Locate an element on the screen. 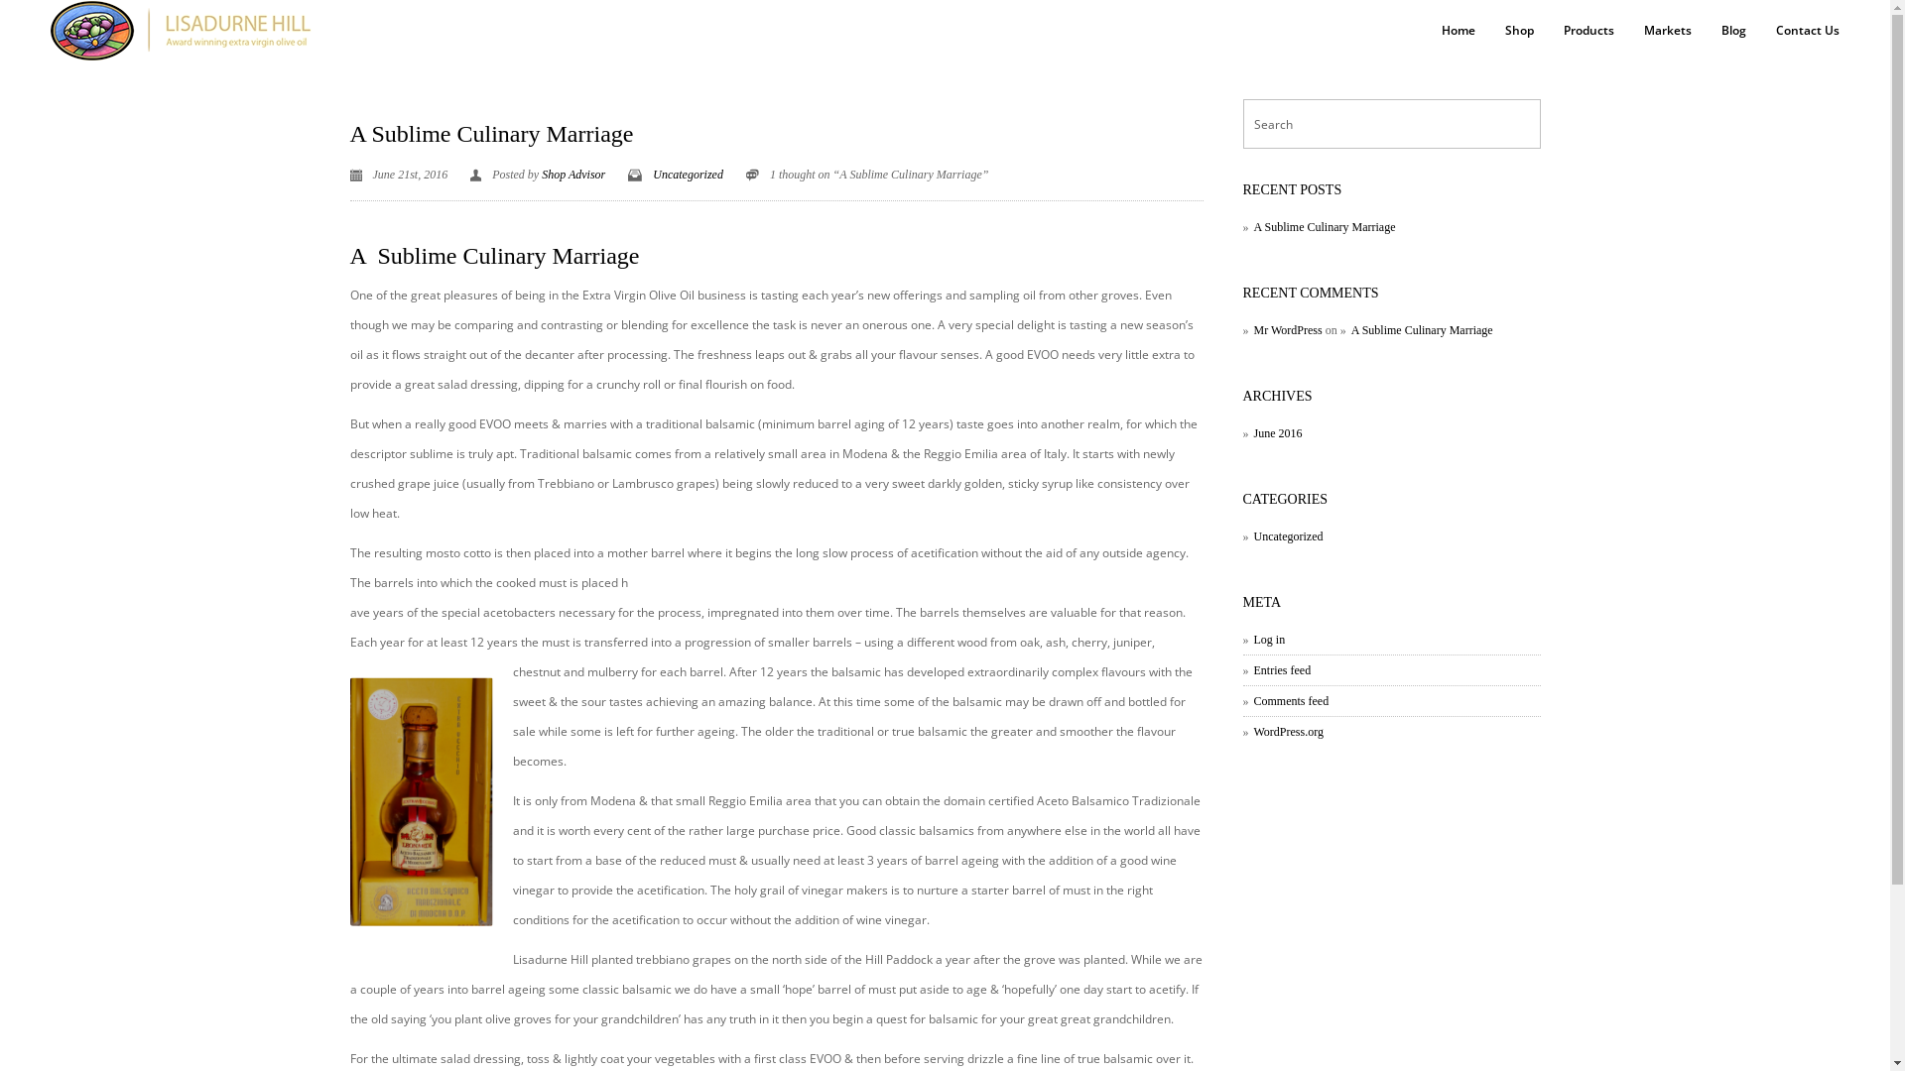 The width and height of the screenshot is (1905, 1071). 'A Sublime Culinary Marriage' is located at coordinates (490, 134).